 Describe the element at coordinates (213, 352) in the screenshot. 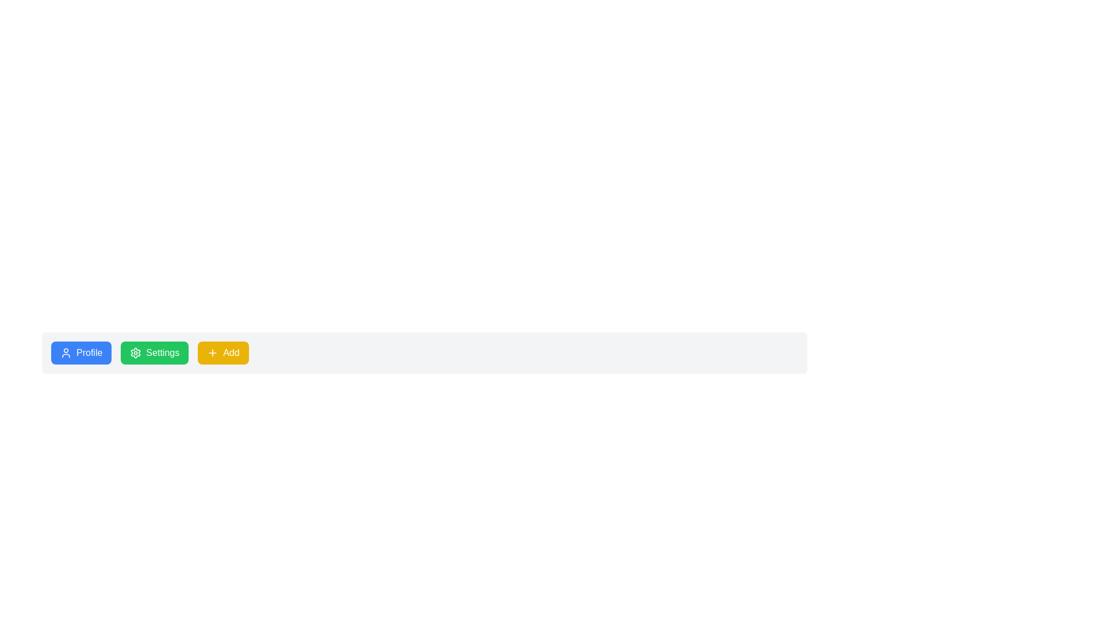

I see `the small plus icon styled with two intersecting lines forming a cross, located within the 'Add' button next to 'Settings' in the navigation bar` at that location.